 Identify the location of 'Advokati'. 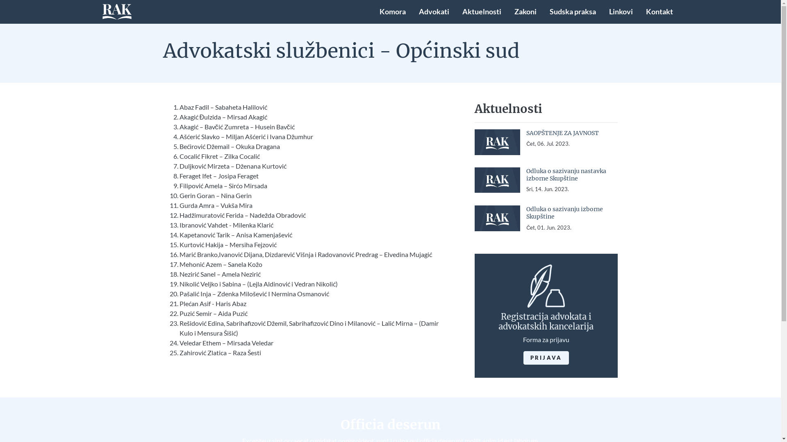
(434, 12).